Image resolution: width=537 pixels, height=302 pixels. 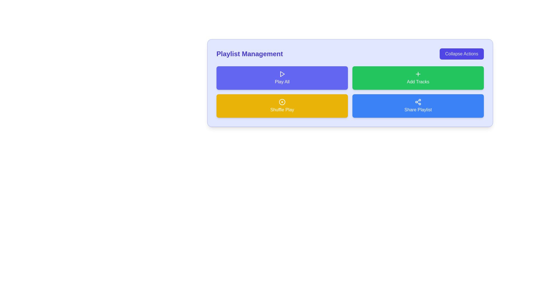 I want to click on the 'Play All' button located in the top-left quadrant of the button grid, positioned under 'Playlist Management' and to the left of 'Add Tracks', so click(x=282, y=78).